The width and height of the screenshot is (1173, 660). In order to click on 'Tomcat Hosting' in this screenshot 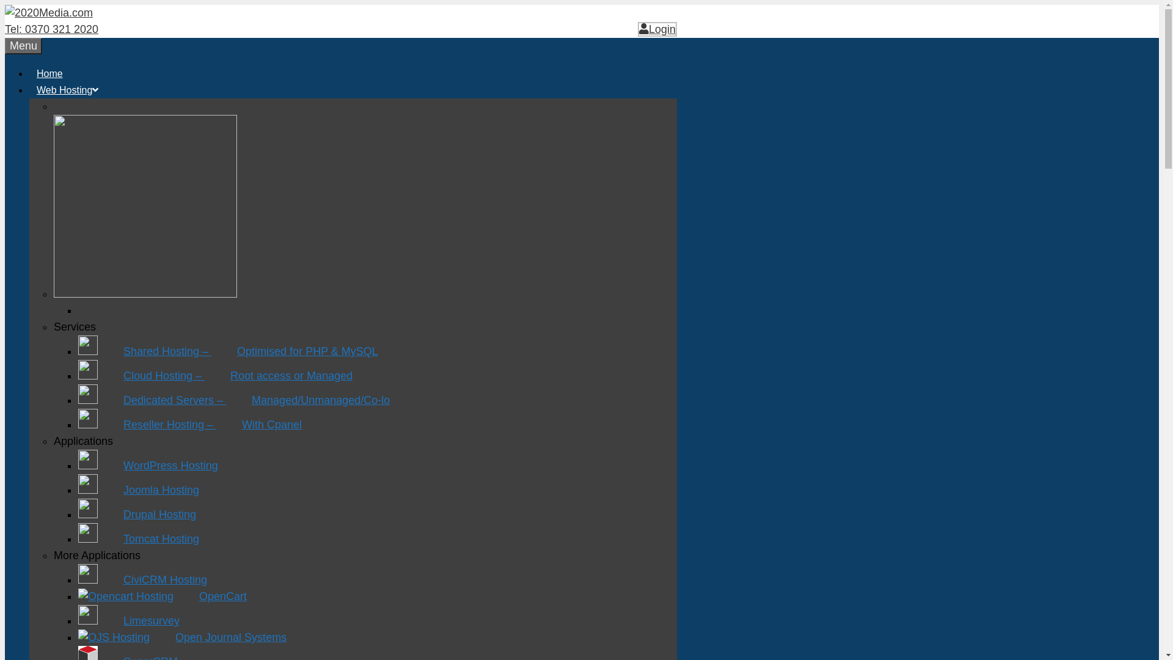, I will do `click(138, 538)`.